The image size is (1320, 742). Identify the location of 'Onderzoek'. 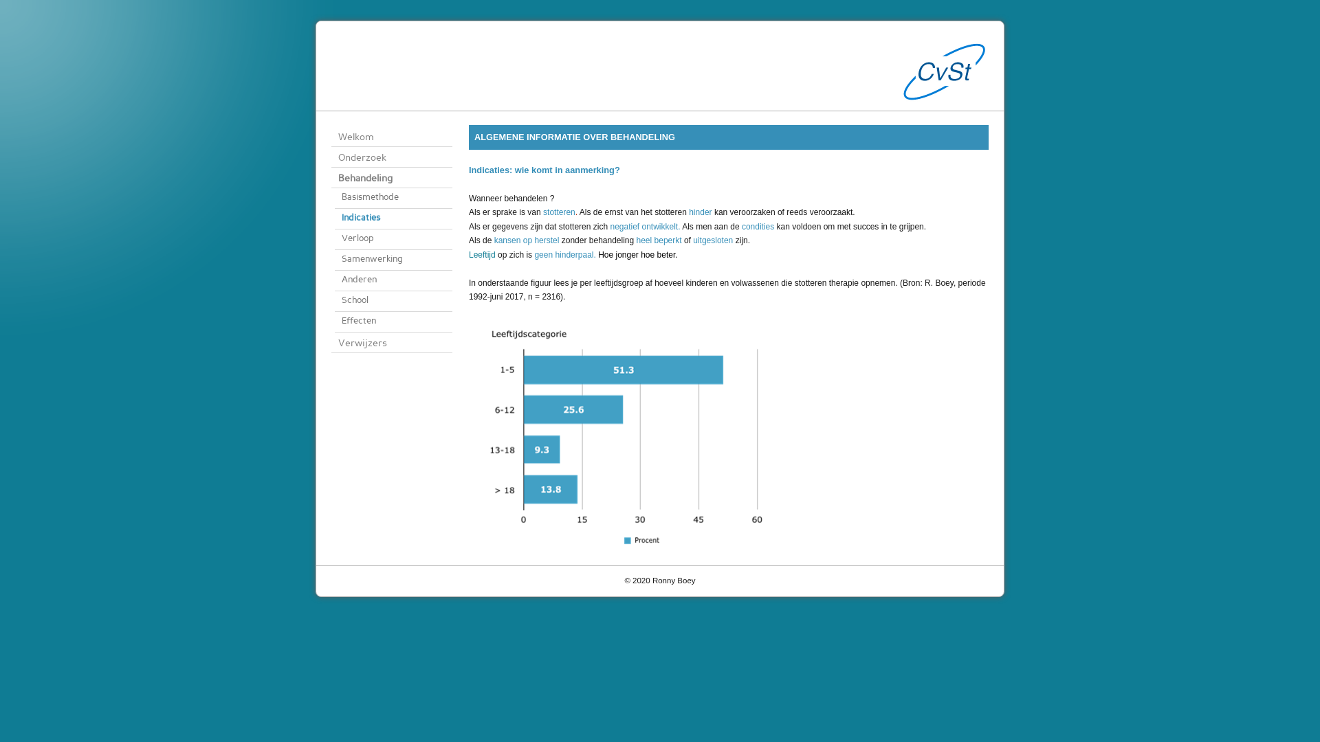
(331, 156).